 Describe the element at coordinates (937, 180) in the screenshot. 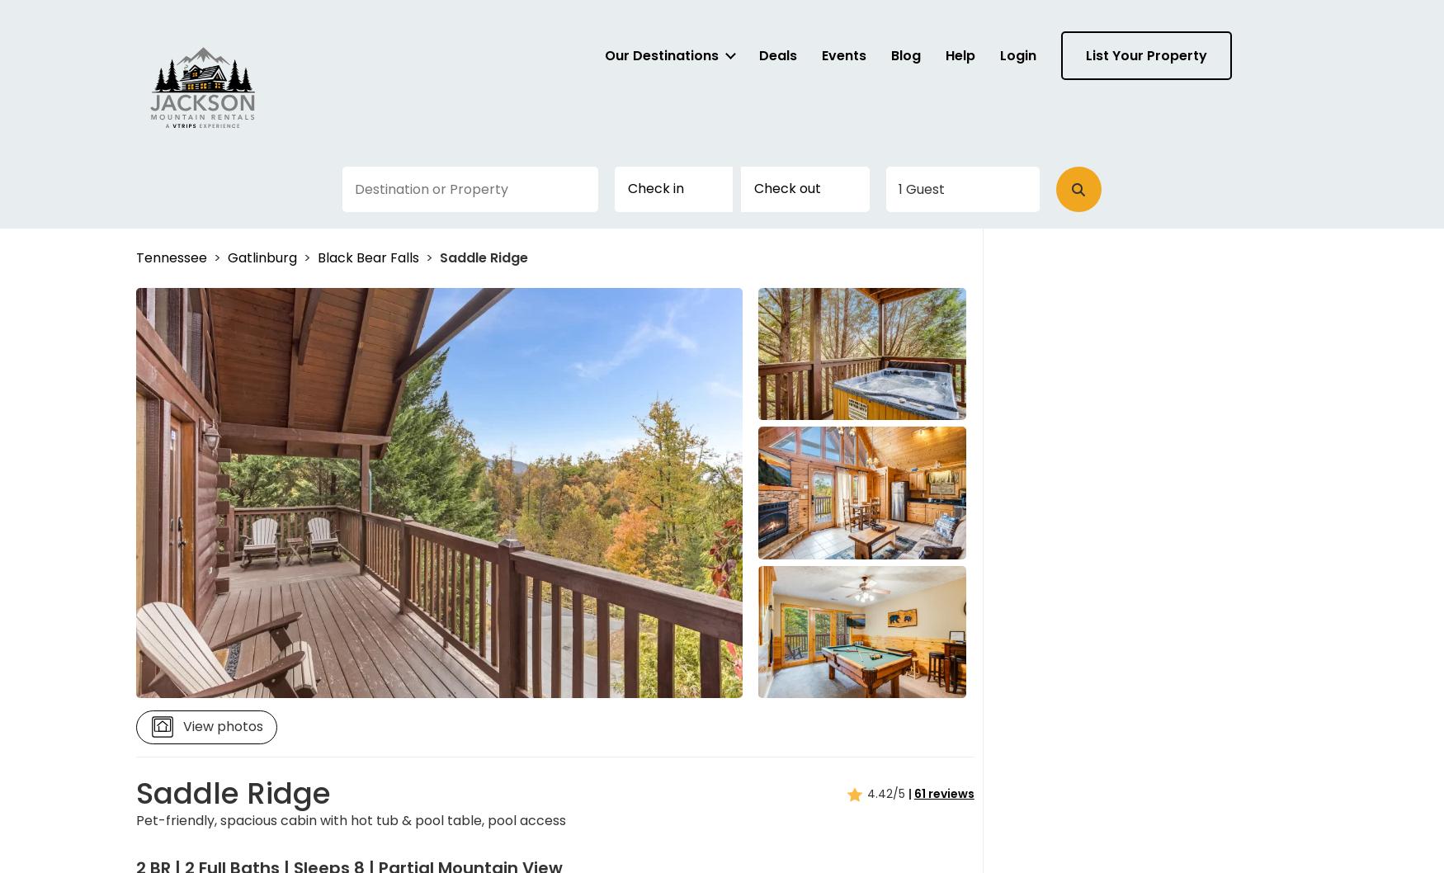

I see `'06/23/2023'` at that location.